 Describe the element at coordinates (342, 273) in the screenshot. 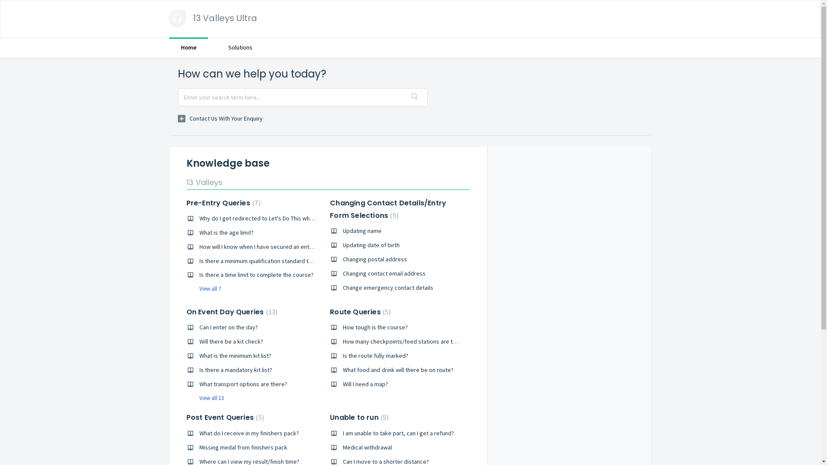

I see `'Changing contact email address'` at that location.